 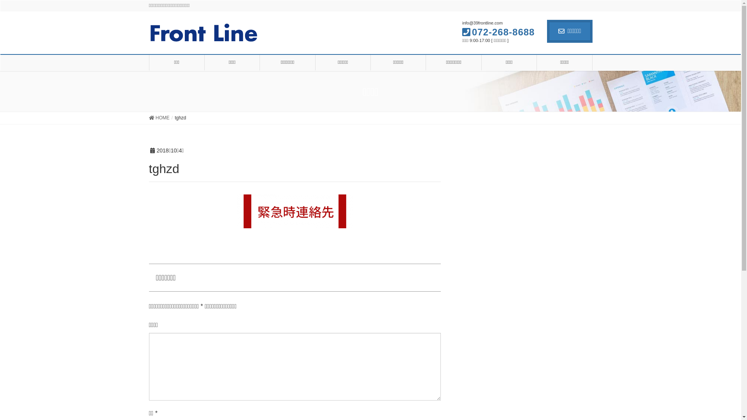 I want to click on 'HOME', so click(x=158, y=118).